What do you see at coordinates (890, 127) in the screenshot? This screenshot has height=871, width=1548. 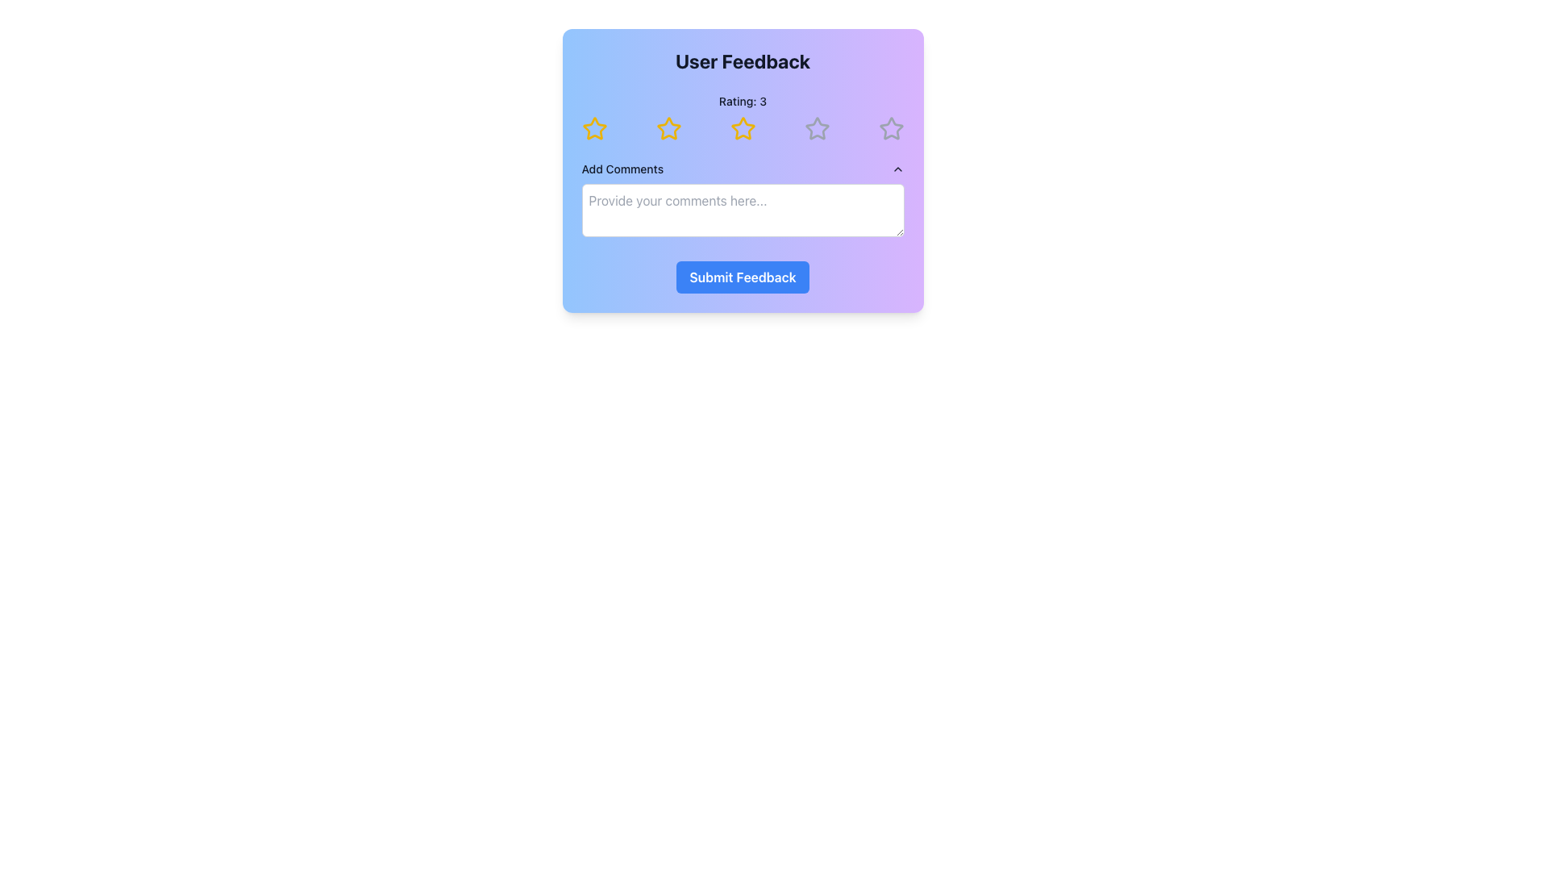 I see `keyboard navigation` at bounding box center [890, 127].